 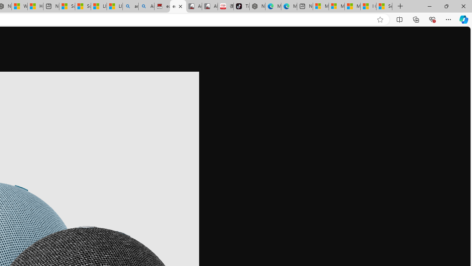 What do you see at coordinates (209, 6) in the screenshot?
I see `'All Cubot phones'` at bounding box center [209, 6].